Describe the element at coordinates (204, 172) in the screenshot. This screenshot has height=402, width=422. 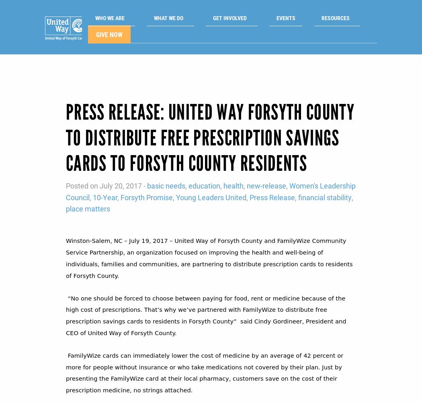
I see `'education'` at that location.